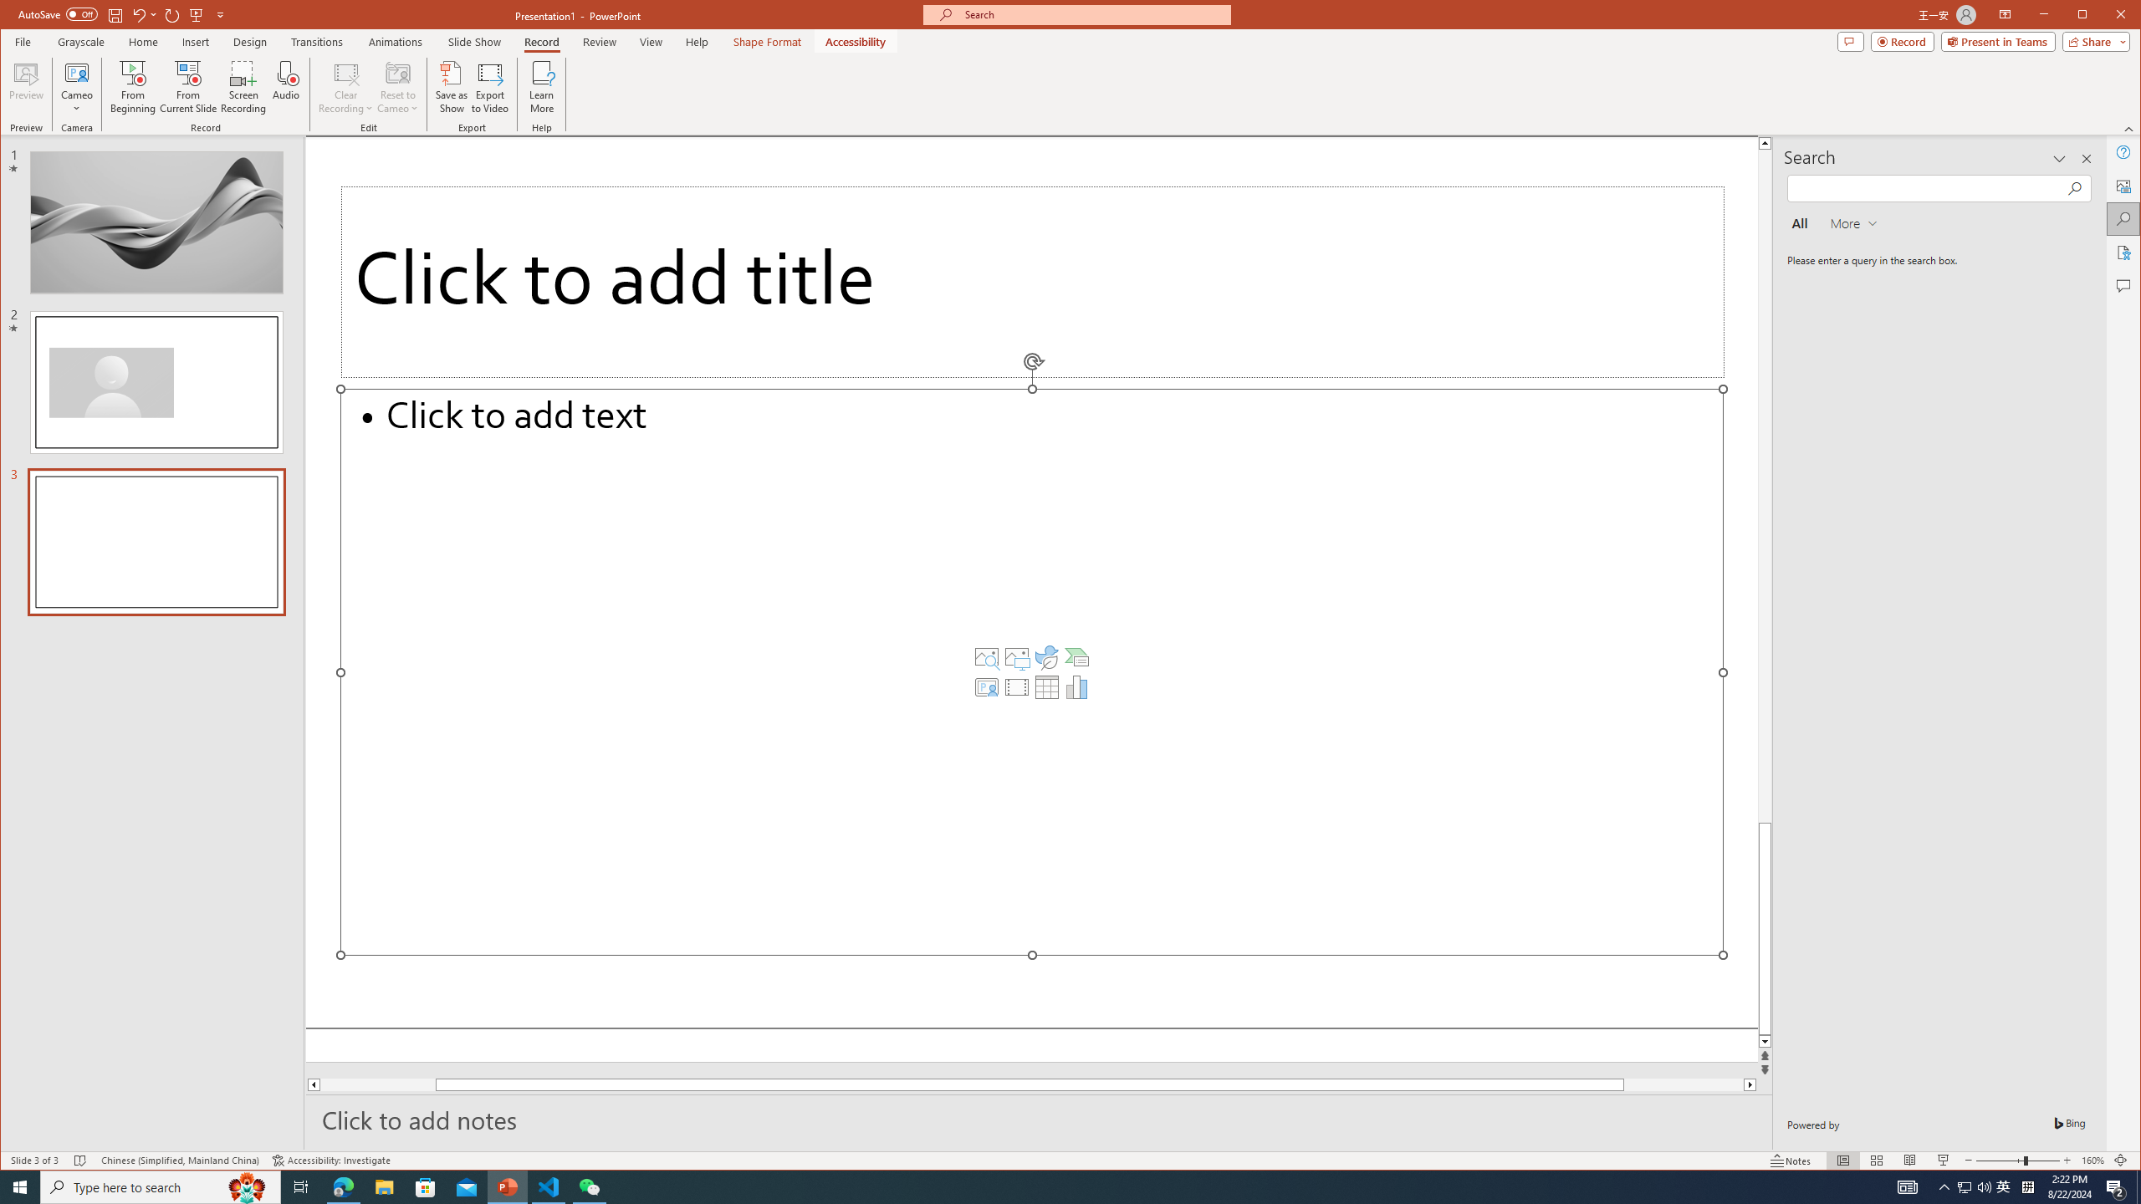 The width and height of the screenshot is (2141, 1204). What do you see at coordinates (1046, 656) in the screenshot?
I see `'Insert an Icon'` at bounding box center [1046, 656].